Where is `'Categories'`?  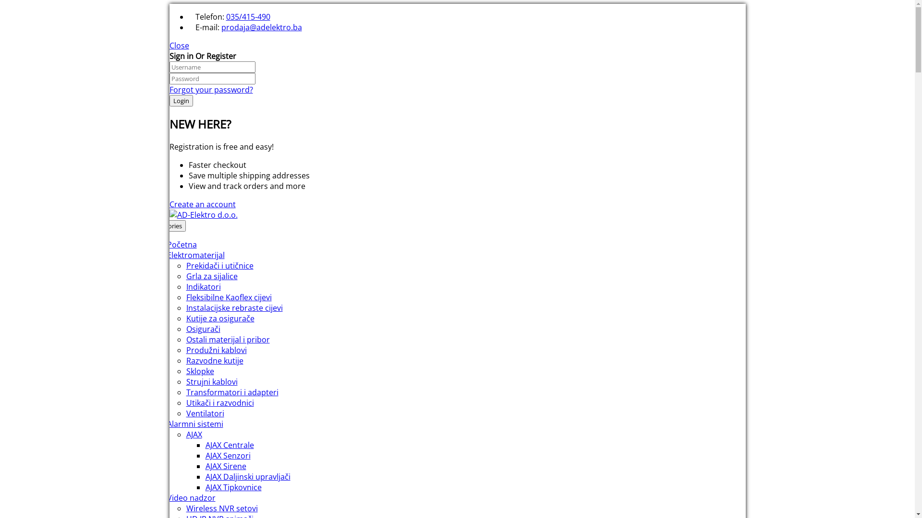 'Categories' is located at coordinates (167, 225).